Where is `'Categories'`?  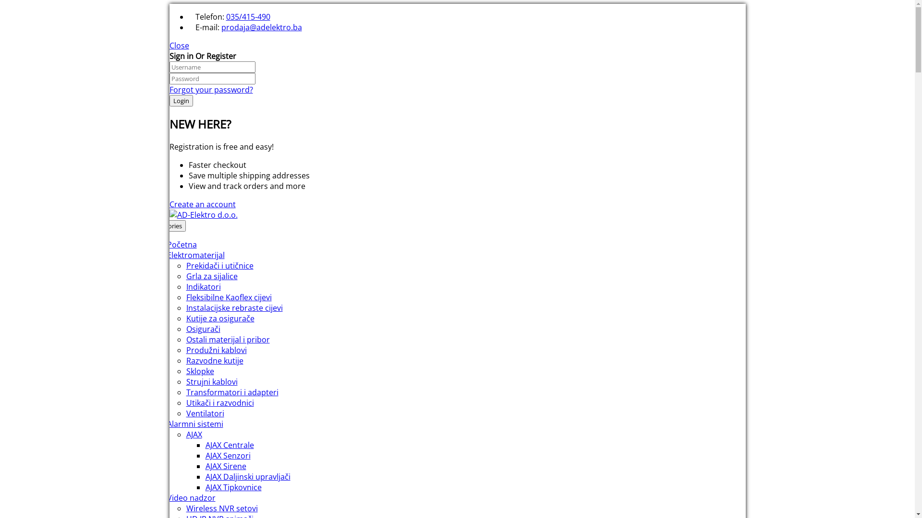 'Categories' is located at coordinates (167, 225).